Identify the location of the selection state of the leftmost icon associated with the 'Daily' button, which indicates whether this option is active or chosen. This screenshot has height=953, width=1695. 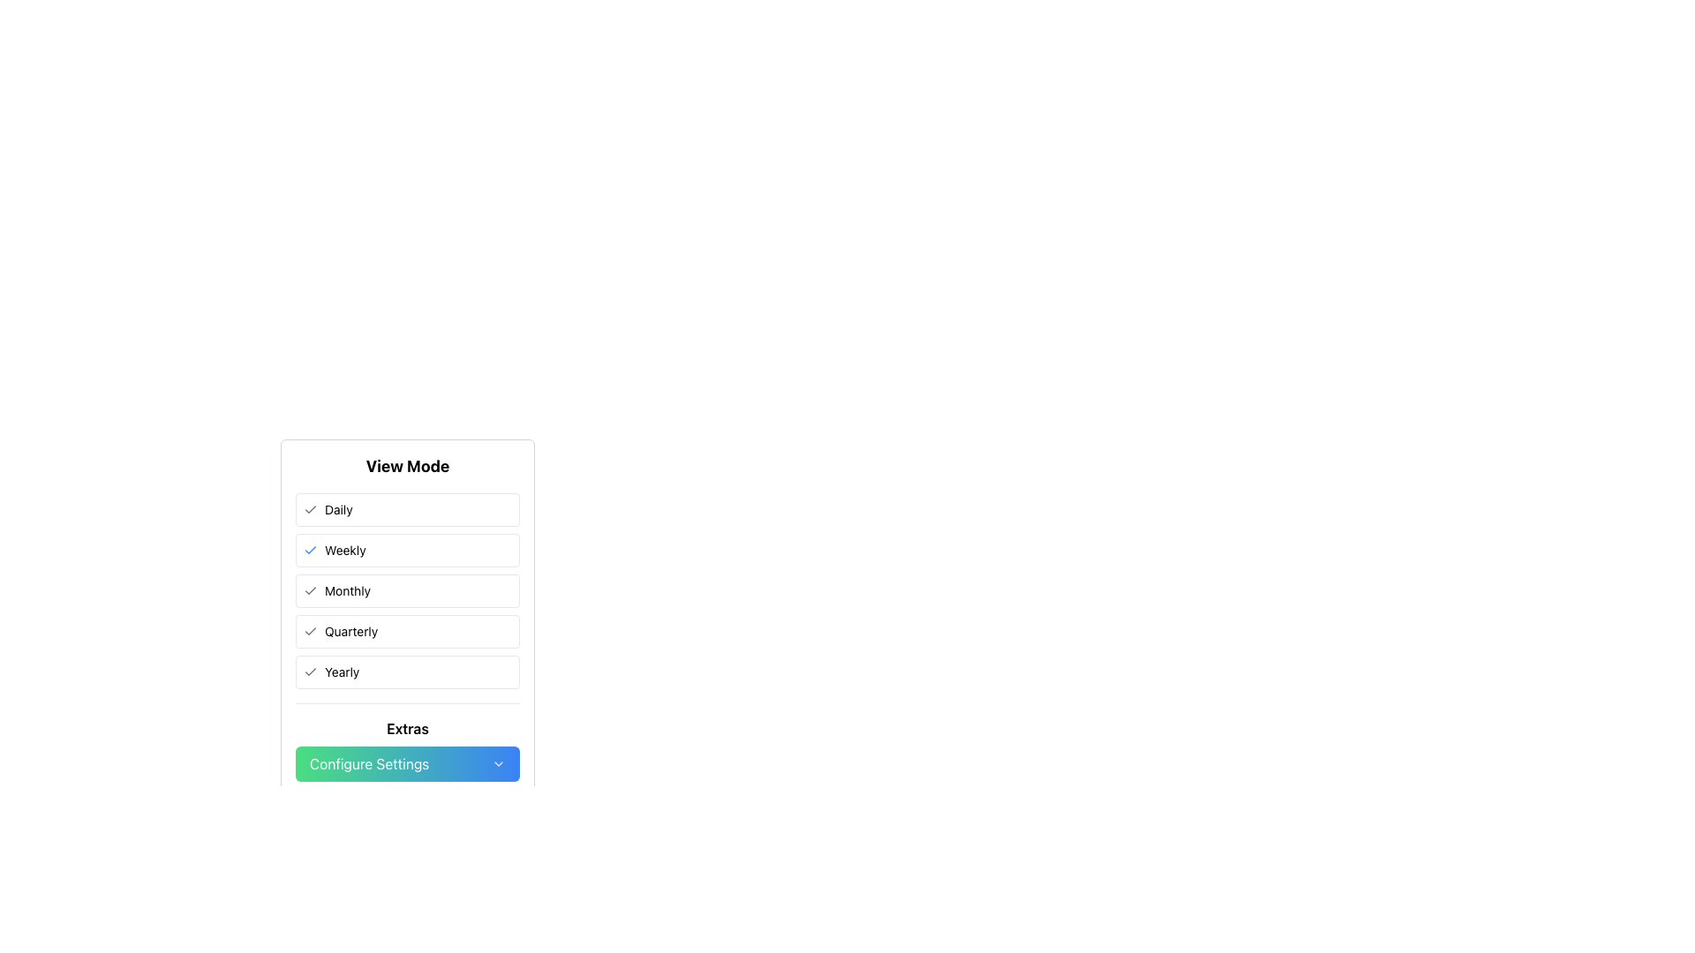
(310, 510).